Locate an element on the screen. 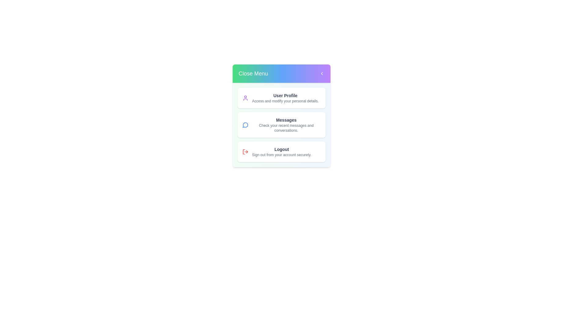 The height and width of the screenshot is (330, 587). the Logout icon in the ProfileMenu is located at coordinates (245, 152).